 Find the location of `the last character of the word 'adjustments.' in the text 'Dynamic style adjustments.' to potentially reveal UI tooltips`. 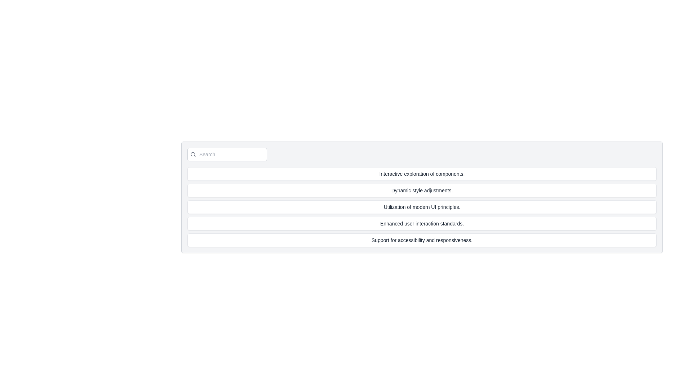

the last character of the word 'adjustments.' in the text 'Dynamic style adjustments.' to potentially reveal UI tooltips is located at coordinates (443, 190).